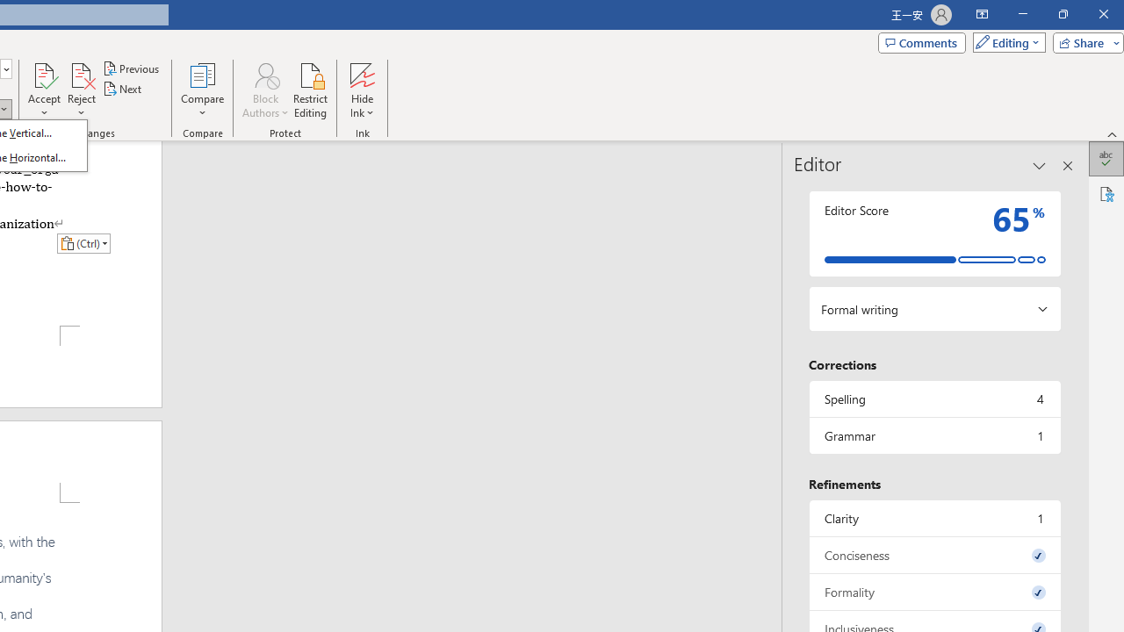  Describe the element at coordinates (933, 517) in the screenshot. I see `'Clarity, 1 issue. Press space or enter to review items.'` at that location.